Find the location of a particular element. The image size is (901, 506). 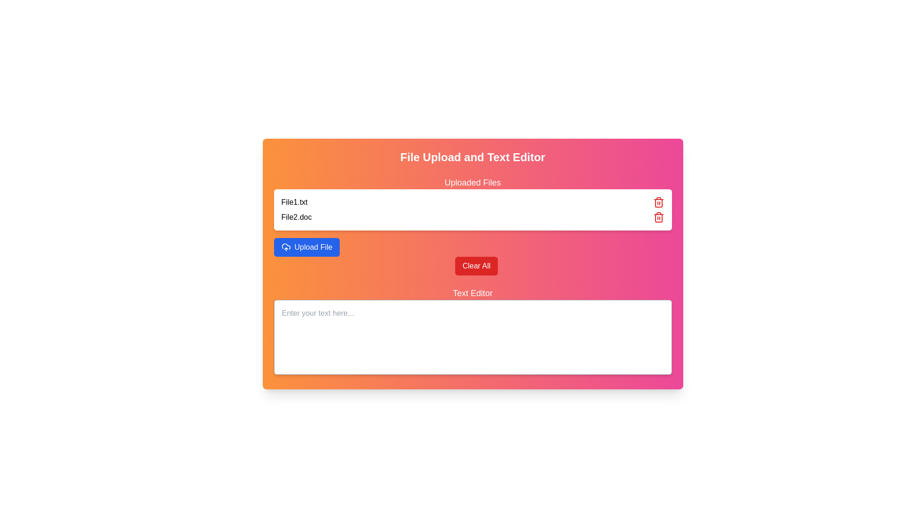

the red trash bin icon located to the right of the file name 'File2.doc' is located at coordinates (658, 217).